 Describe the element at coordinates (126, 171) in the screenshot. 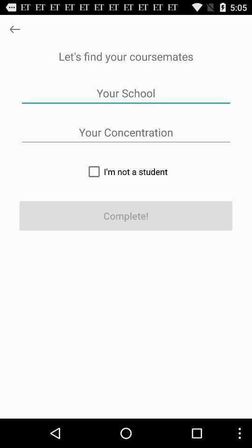

I see `the icon above complete! icon` at that location.